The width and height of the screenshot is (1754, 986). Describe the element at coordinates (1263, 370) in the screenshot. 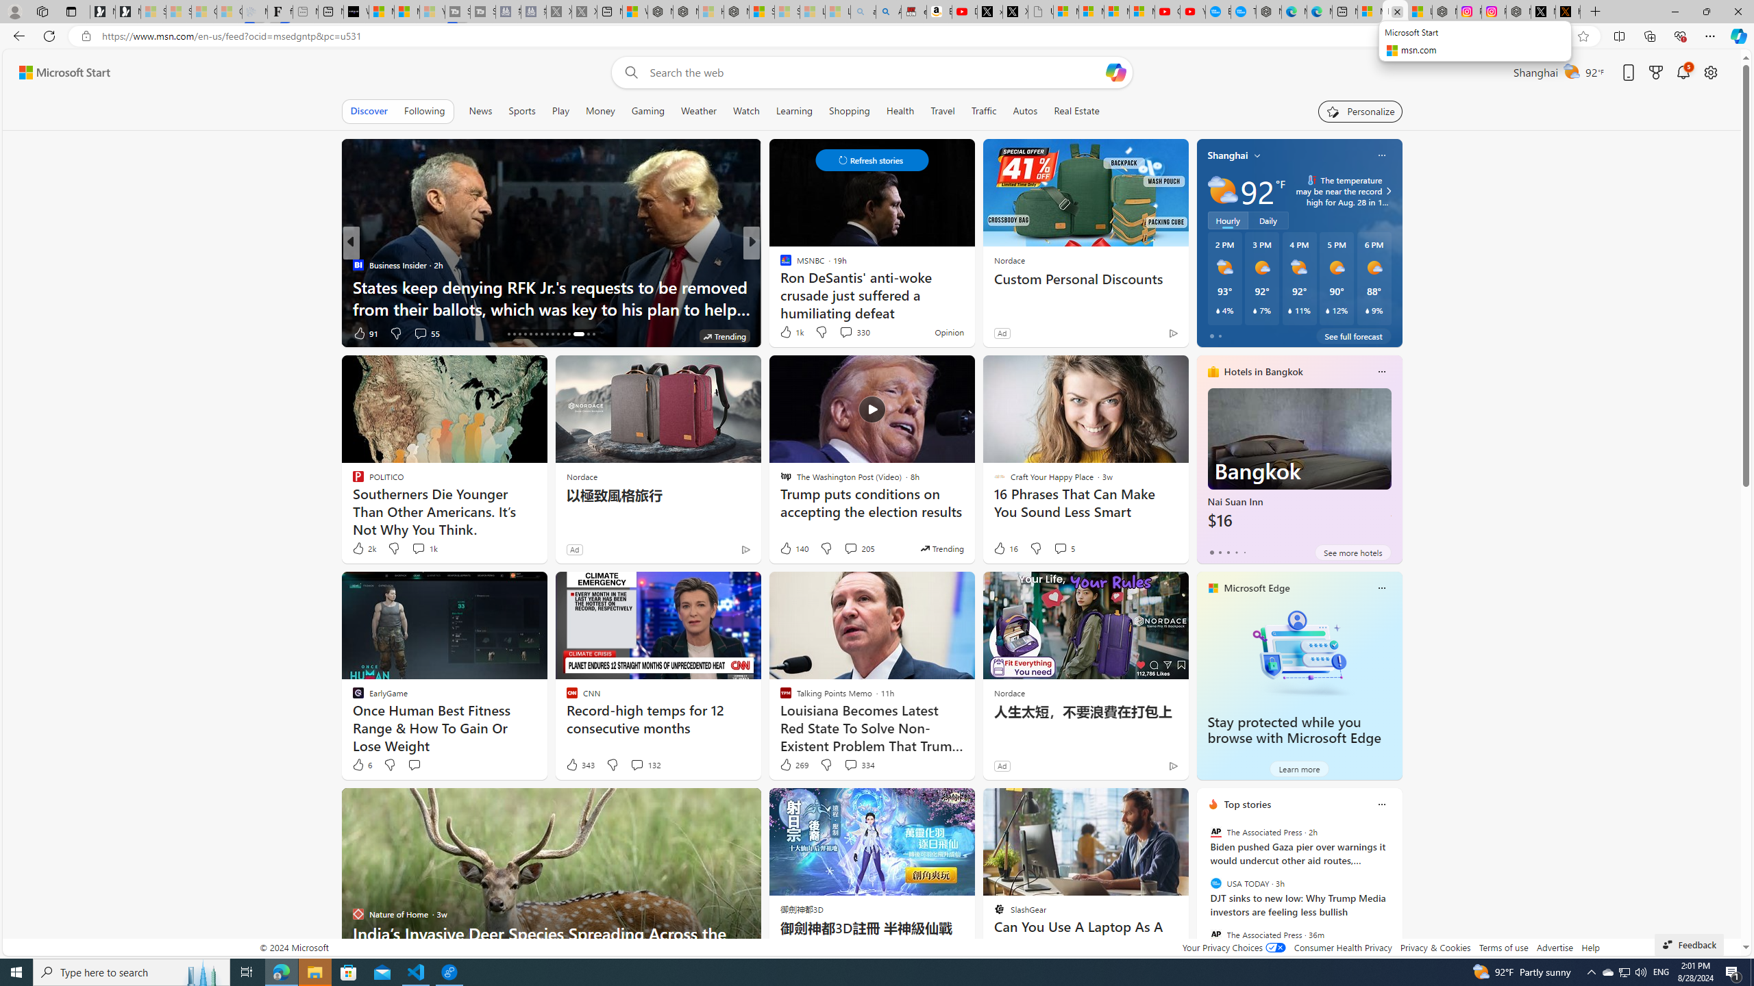

I see `'Hotels in Bangkok'` at that location.